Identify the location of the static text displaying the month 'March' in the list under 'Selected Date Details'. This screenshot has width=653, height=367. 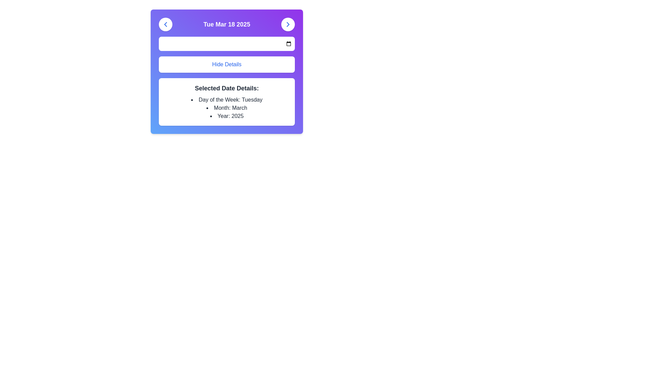
(227, 107).